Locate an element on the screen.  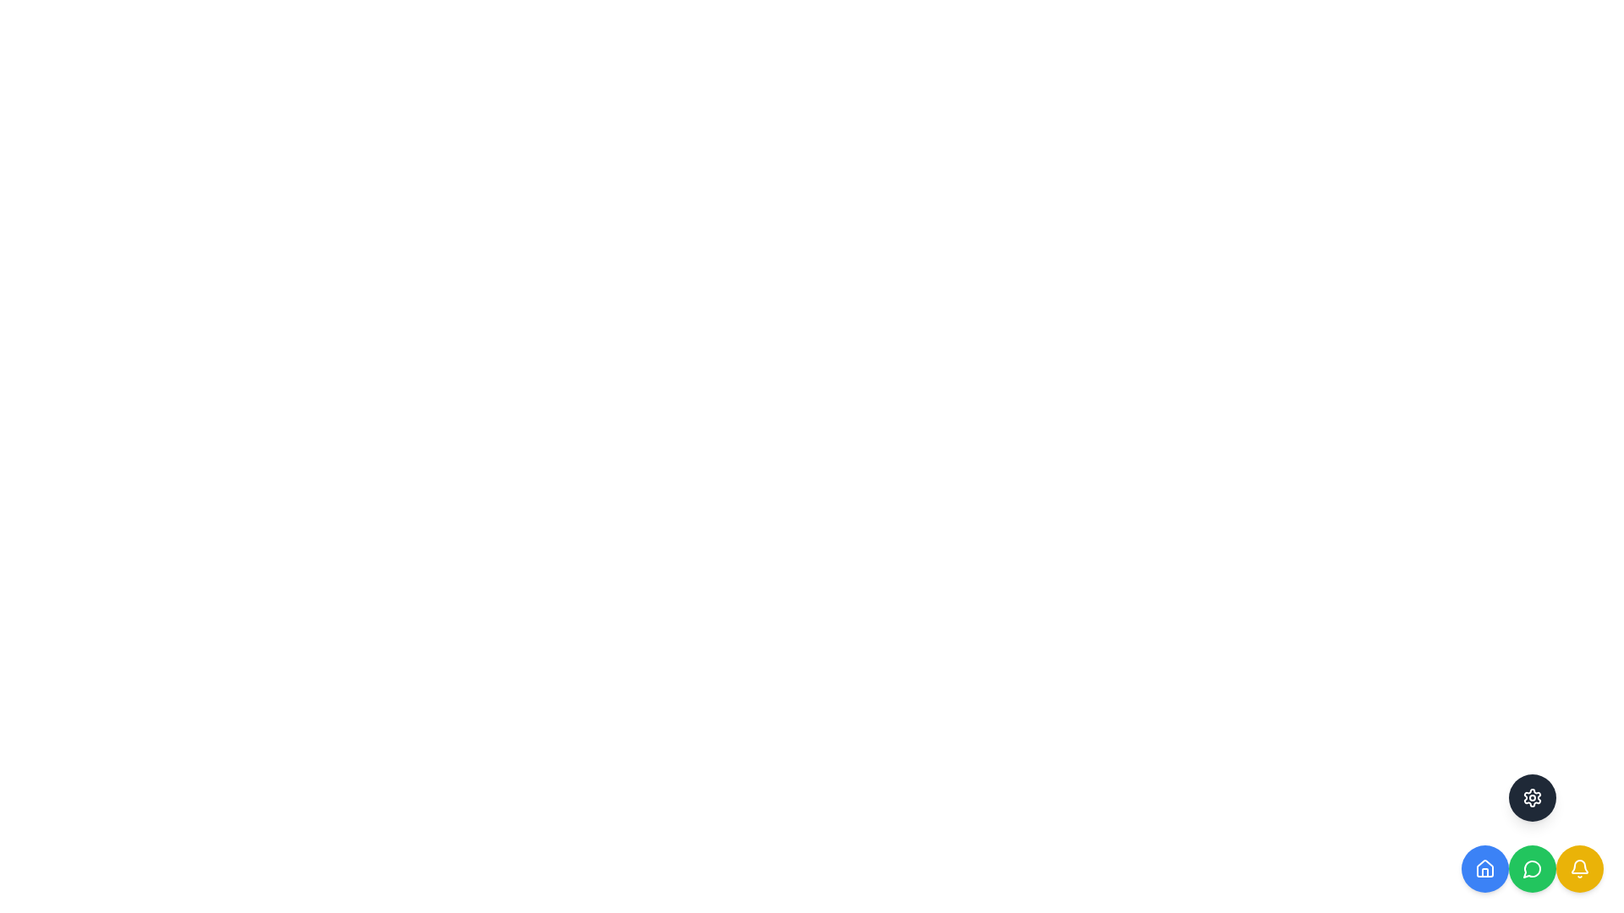
the cogwheel-shaped Settings Icon inside the dark circular button at the bottom-right corner of the interface is located at coordinates (1532, 798).